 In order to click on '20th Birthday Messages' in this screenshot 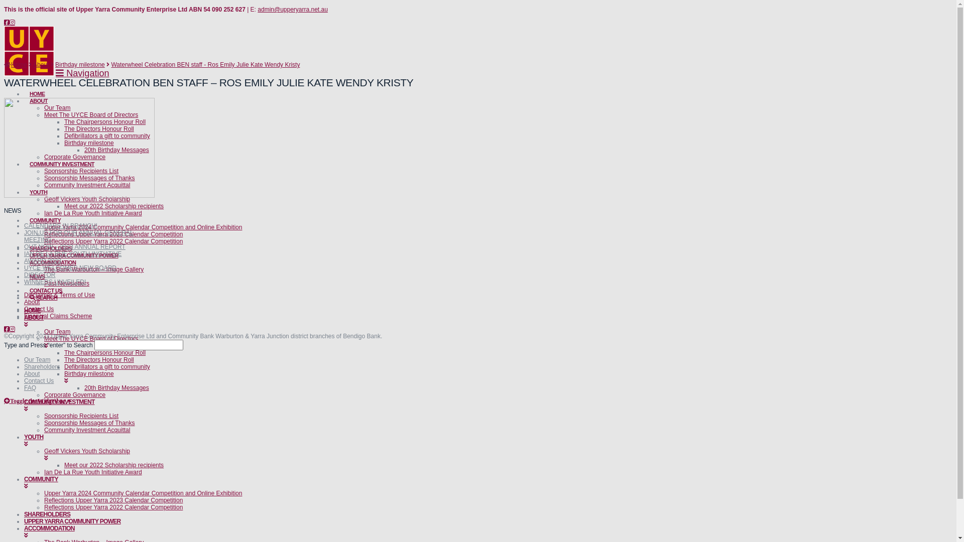, I will do `click(116, 150)`.